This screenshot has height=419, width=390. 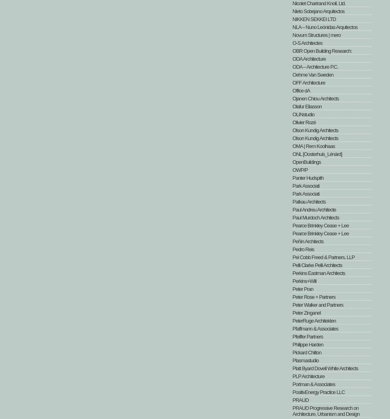 I want to click on 'NLA – Nuno Leónidas Arquitectos', so click(x=324, y=27).